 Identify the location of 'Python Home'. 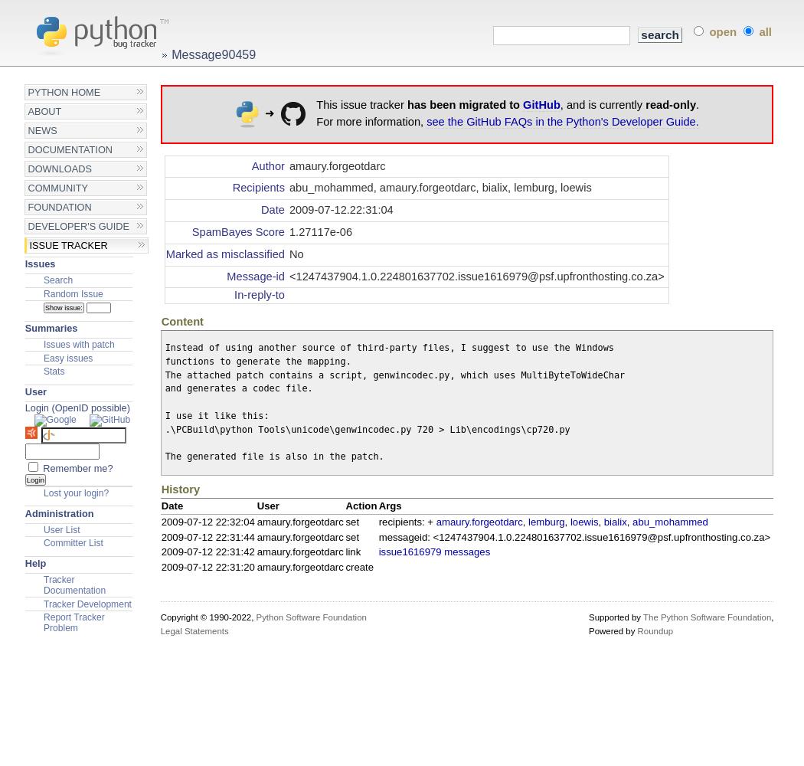
(64, 91).